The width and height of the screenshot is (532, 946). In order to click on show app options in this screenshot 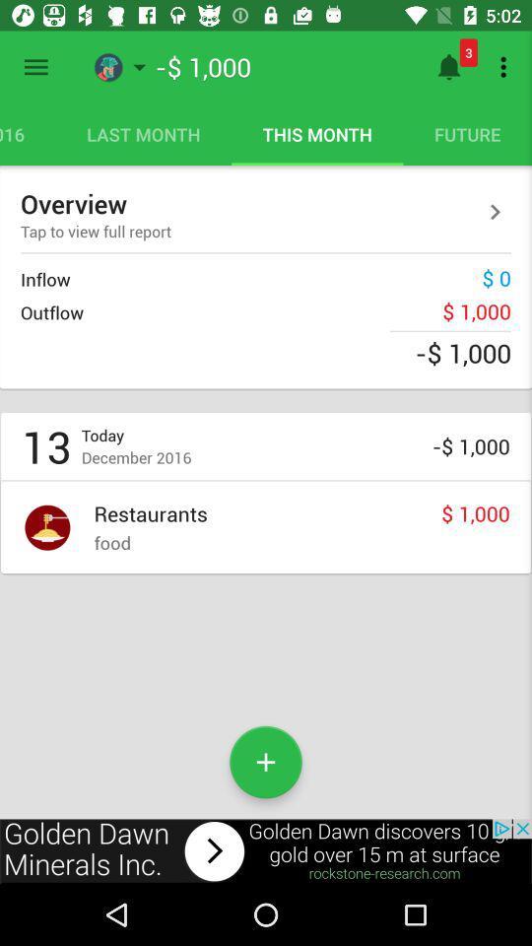, I will do `click(35, 67)`.